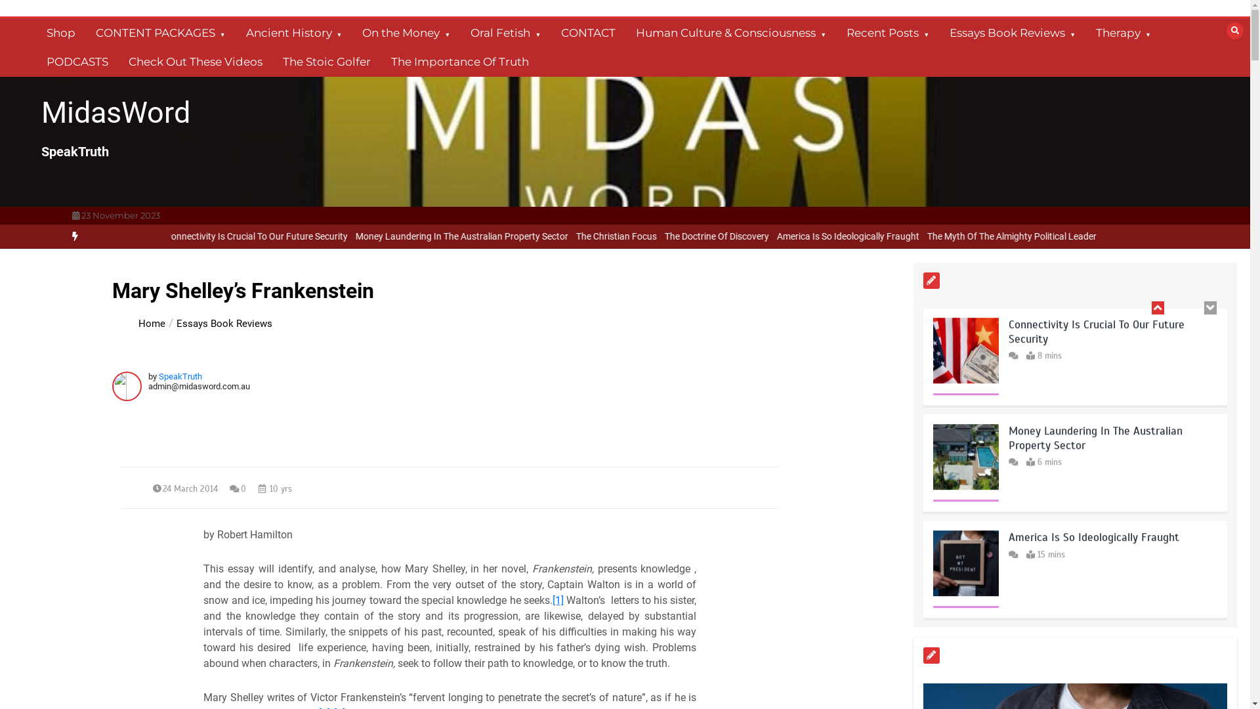  What do you see at coordinates (730, 32) in the screenshot?
I see `'Human Culture & Consciousness'` at bounding box center [730, 32].